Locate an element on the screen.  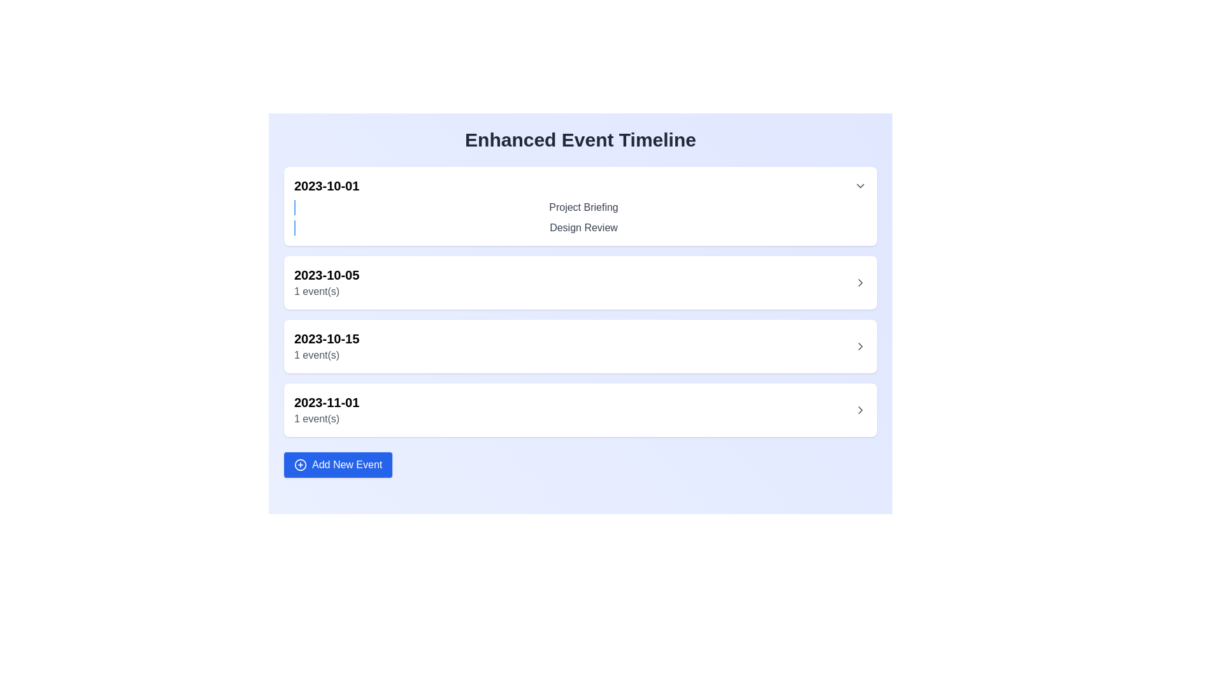
information displayed in the textual display element that lists 'Project Briefing' and 'Design Review', which is positioned below the date '2023-10-01' is located at coordinates (580, 217).